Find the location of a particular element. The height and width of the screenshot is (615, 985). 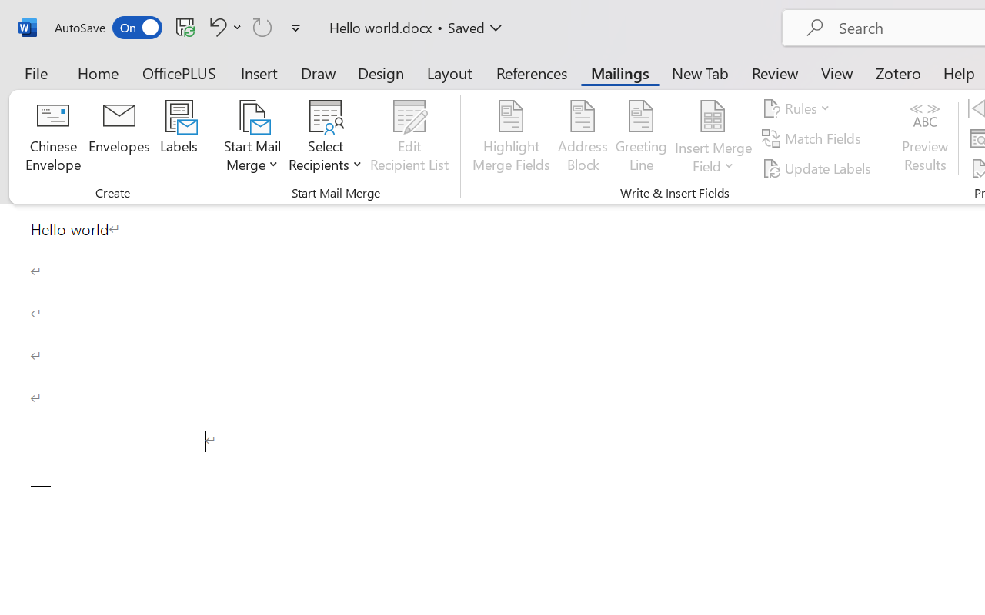

'Start Mail Merge' is located at coordinates (252, 138).